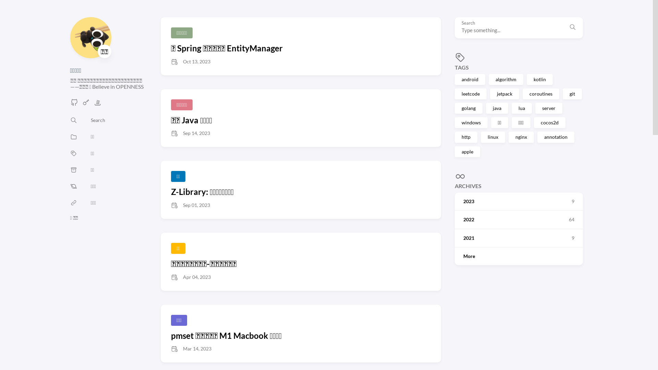 Image resolution: width=658 pixels, height=370 pixels. I want to click on 'kotlin', so click(539, 79).